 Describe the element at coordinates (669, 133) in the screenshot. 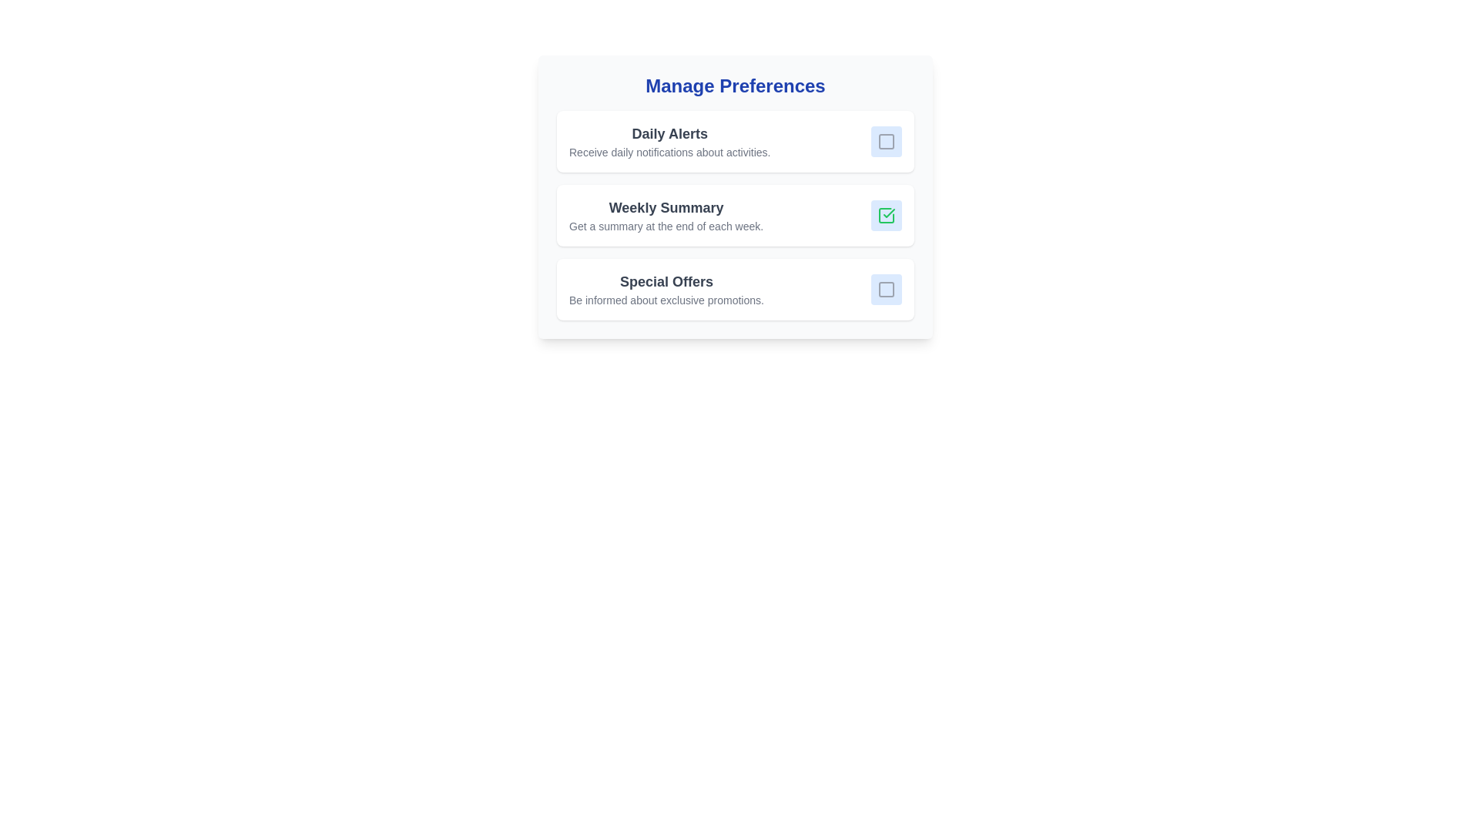

I see `the 'Daily Alerts' text label, which is a bold header in dark gray color positioned at the top-left of its card component` at that location.